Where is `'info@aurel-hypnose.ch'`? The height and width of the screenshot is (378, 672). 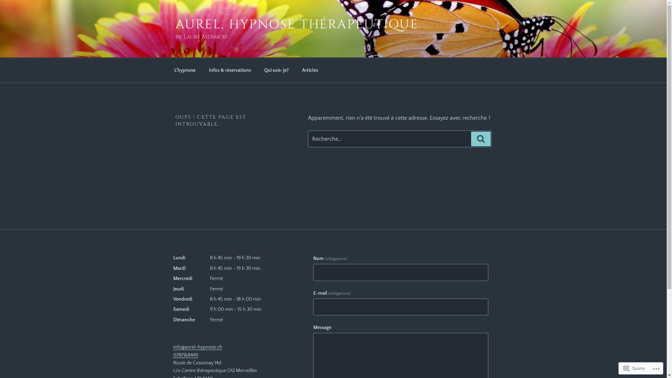 'info@aurel-hypnose.ch' is located at coordinates (197, 347).